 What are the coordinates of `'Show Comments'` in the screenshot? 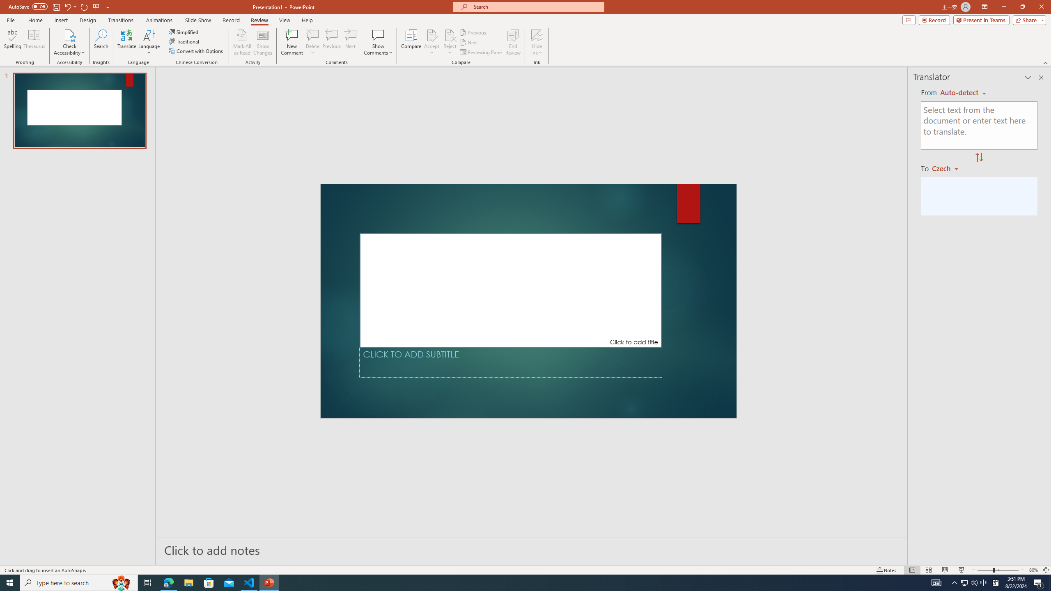 It's located at (378, 34).